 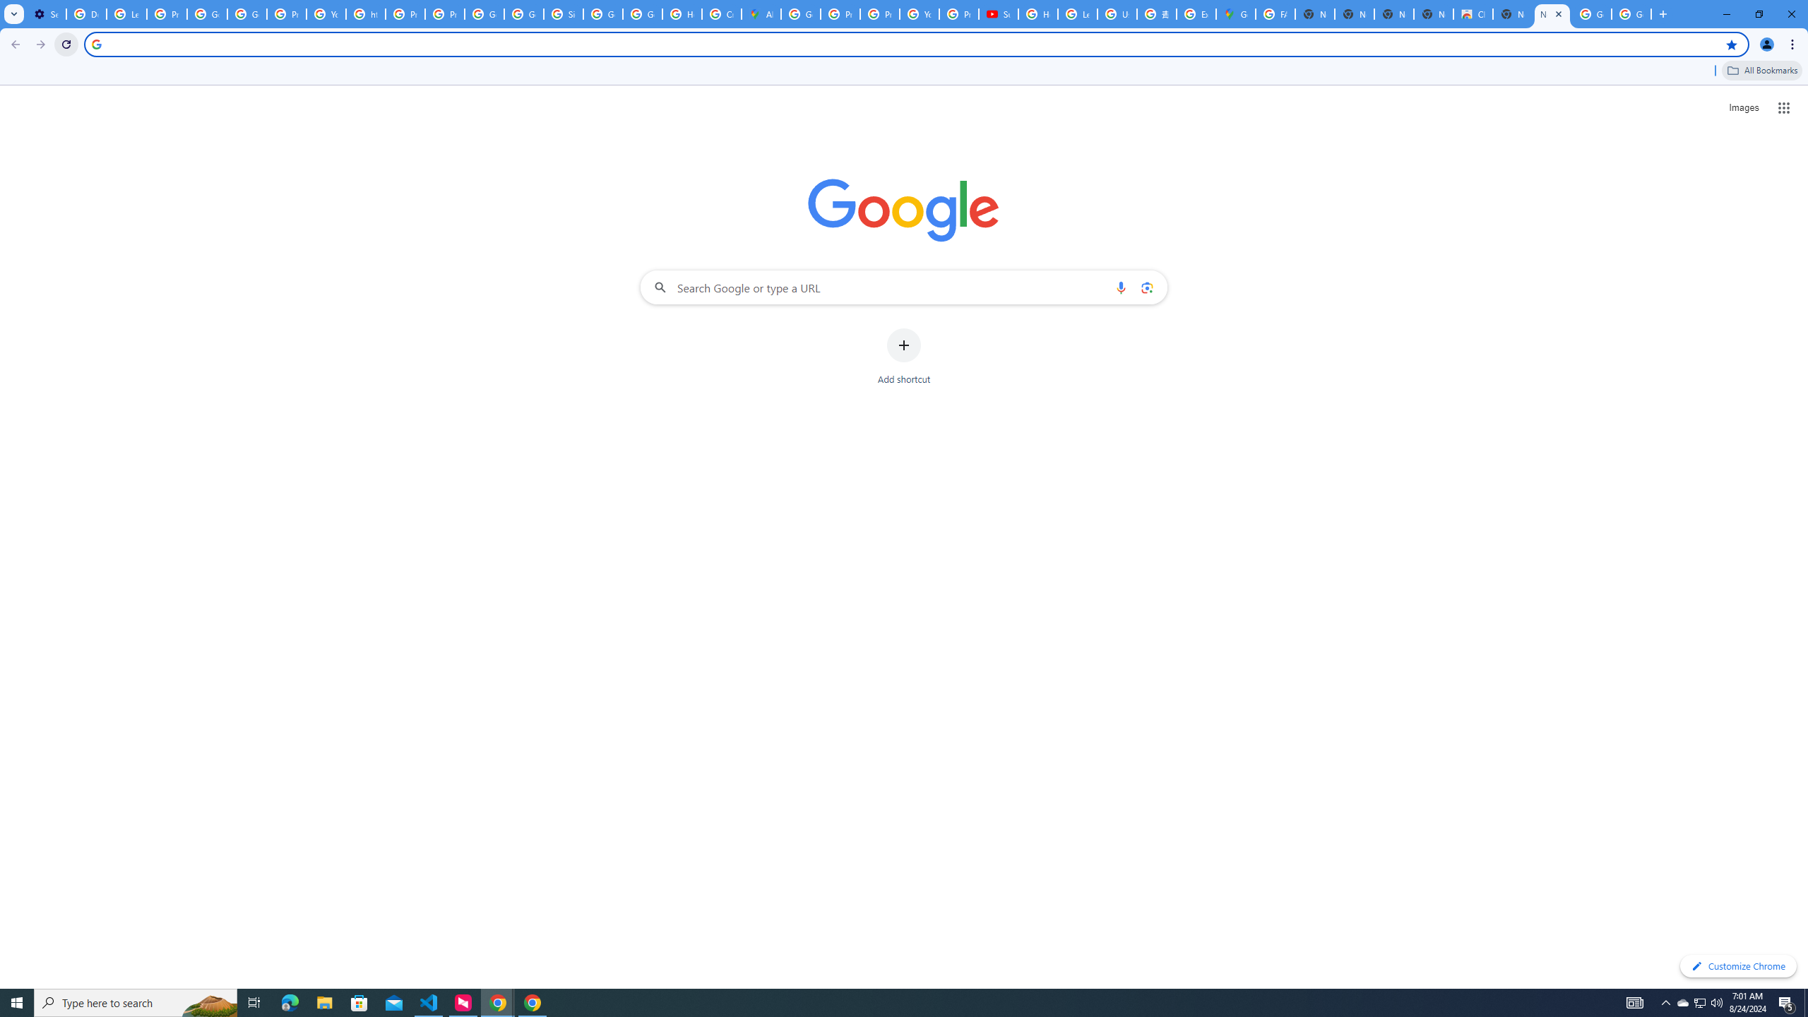 I want to click on 'https://scholar.google.com/', so click(x=365, y=13).